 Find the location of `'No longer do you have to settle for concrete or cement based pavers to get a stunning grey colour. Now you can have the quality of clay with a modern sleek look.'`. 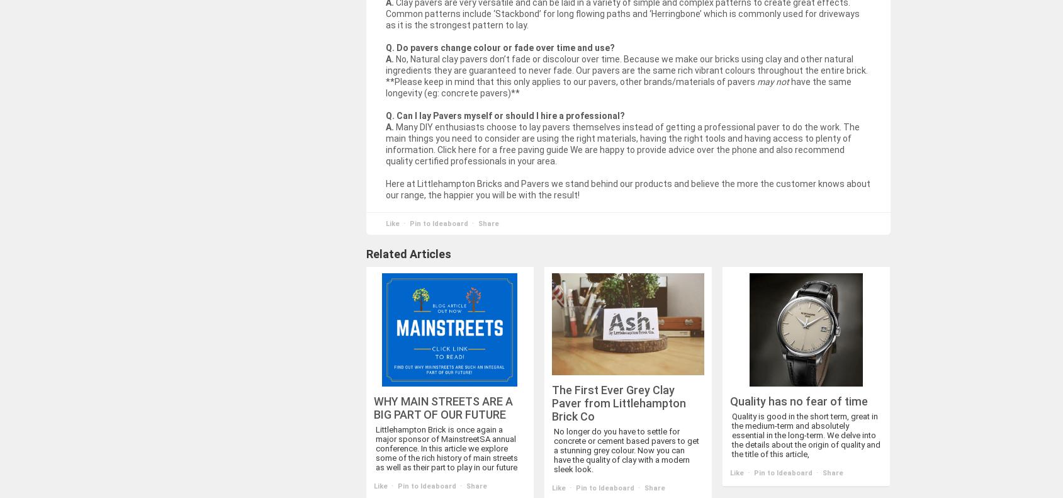

'No longer do you have to settle for concrete or cement based pavers to get a stunning grey colour. Now you can have the quality of clay with a modern sleek look.' is located at coordinates (625, 449).